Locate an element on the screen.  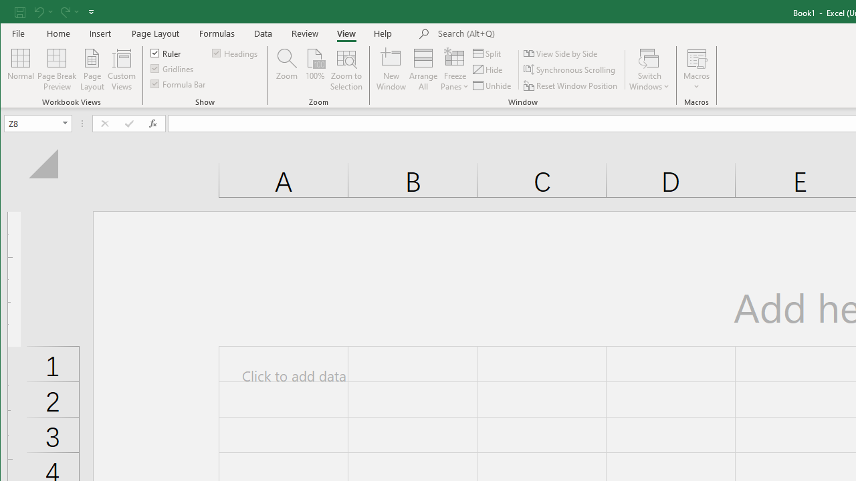
'Freeze Panes' is located at coordinates (455, 69).